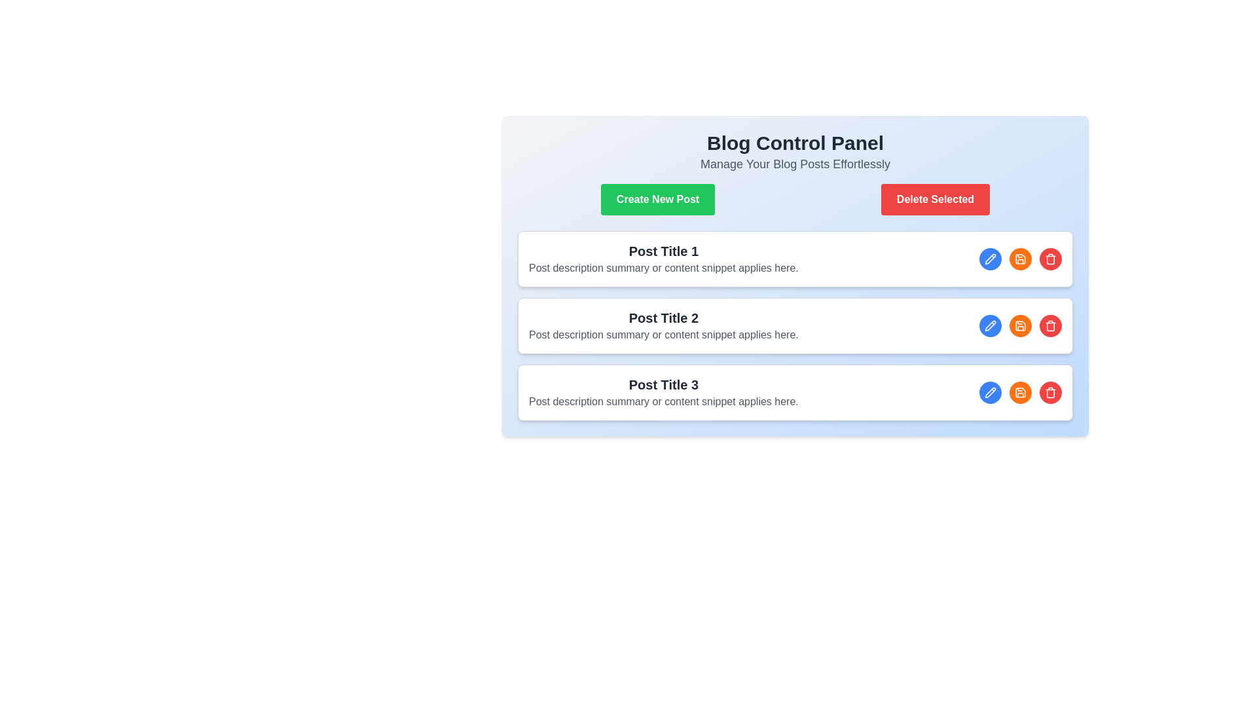 The width and height of the screenshot is (1257, 707). Describe the element at coordinates (663, 392) in the screenshot. I see `the textual UI component labeled 'Post Title 3', which includes the title 'Post Title 3' and the description 'Post description summary or content snippet applies here.'` at that location.